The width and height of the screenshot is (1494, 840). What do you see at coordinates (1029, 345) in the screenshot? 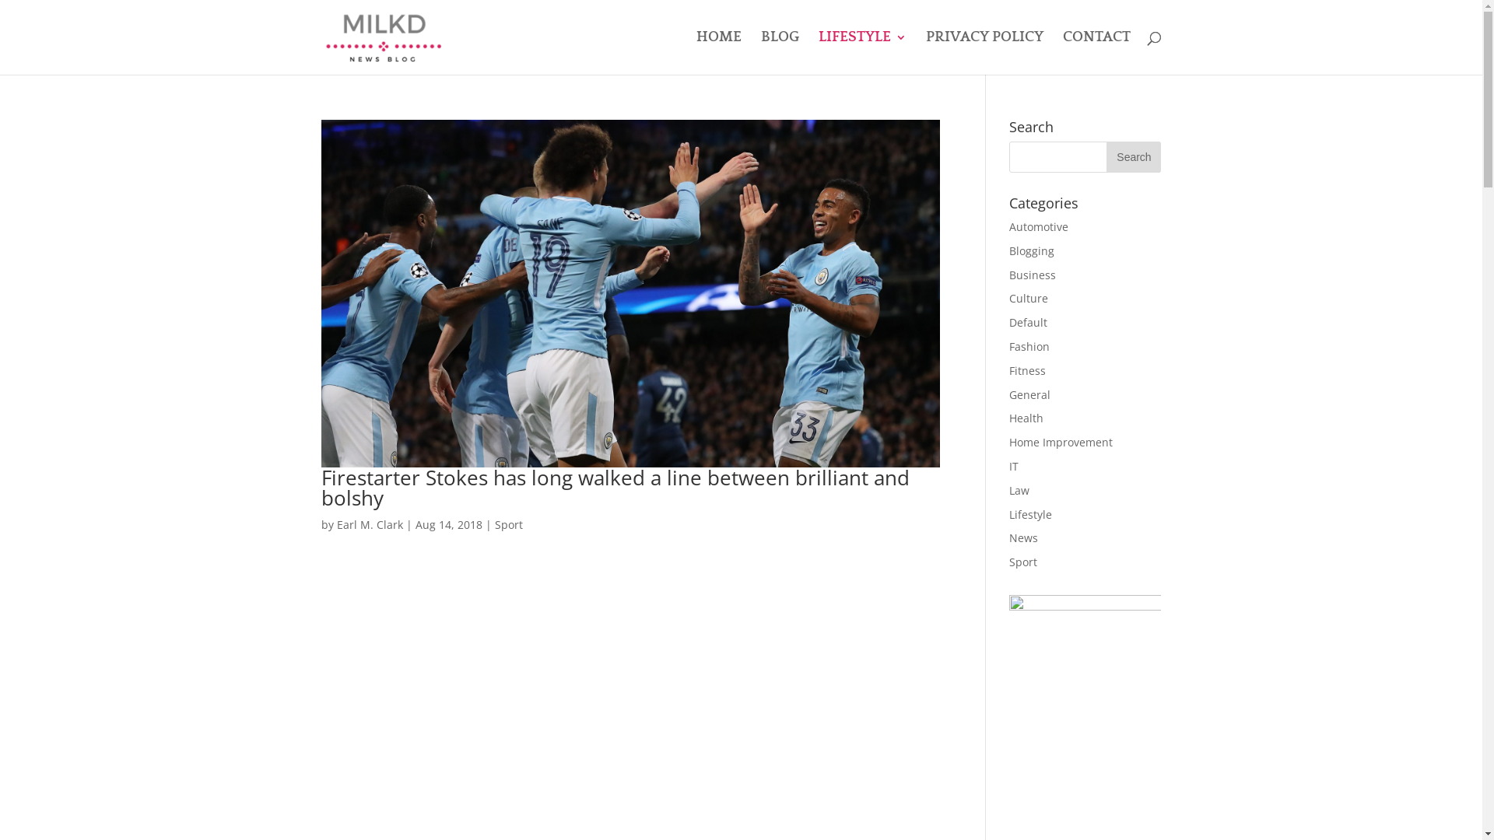
I see `'Fashion'` at bounding box center [1029, 345].